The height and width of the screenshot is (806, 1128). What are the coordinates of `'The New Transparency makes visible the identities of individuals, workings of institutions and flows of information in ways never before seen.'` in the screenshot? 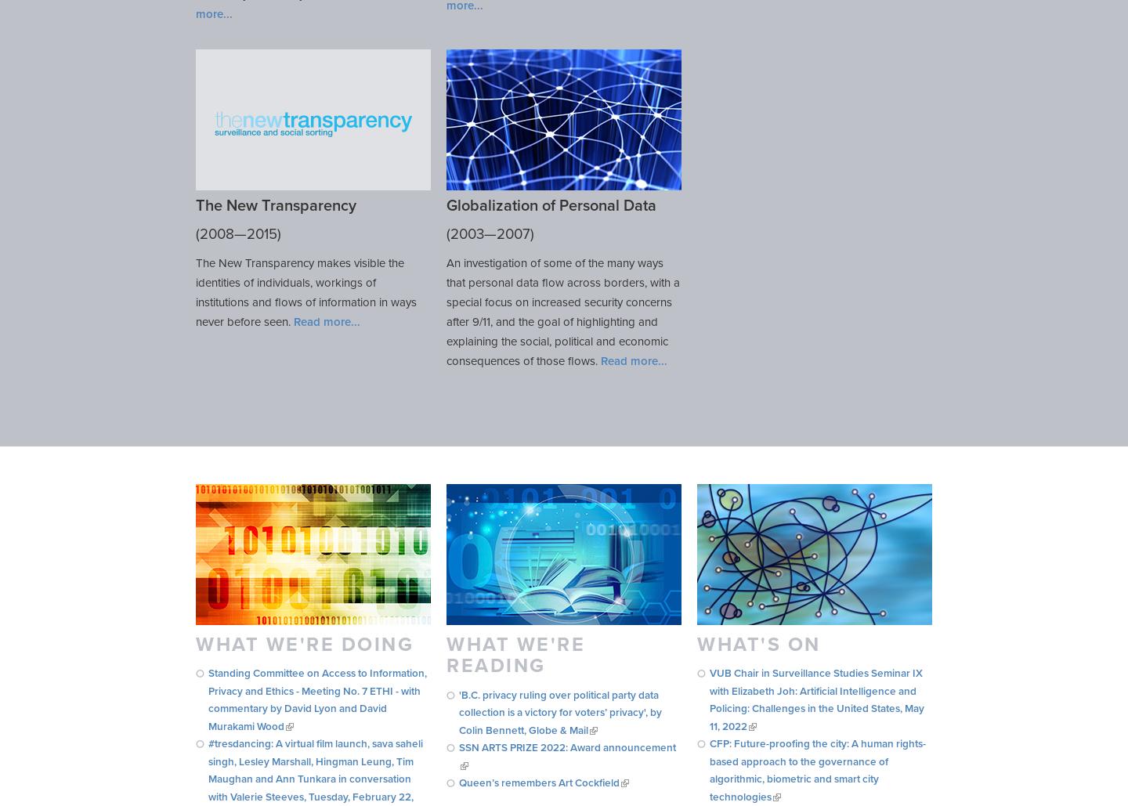 It's located at (194, 291).